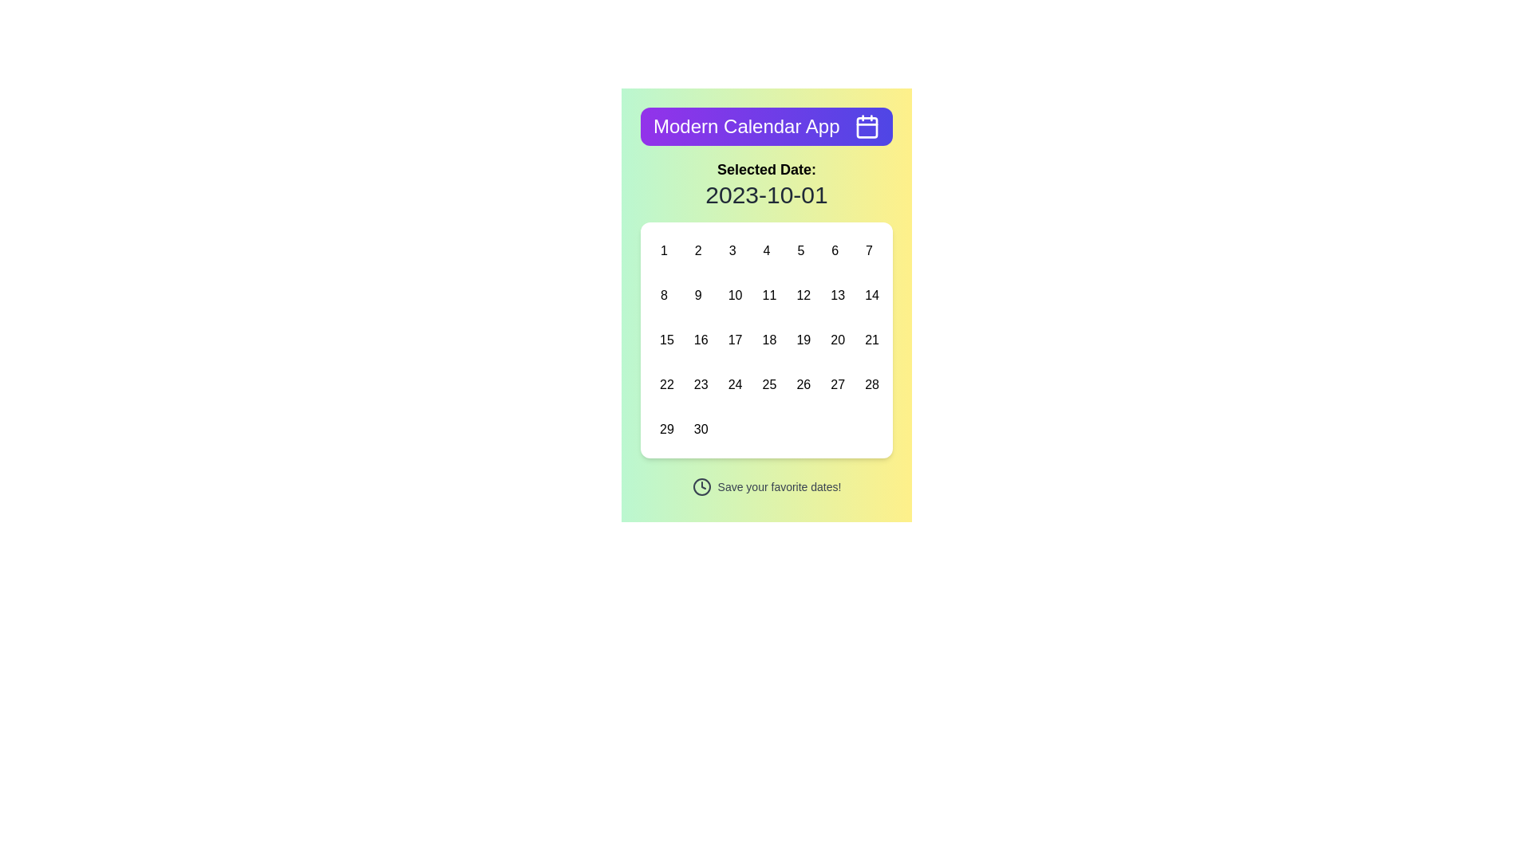 The height and width of the screenshot is (861, 1532). Describe the element at coordinates (866, 125) in the screenshot. I see `on the calendar icon located in the top-right corner of the purple header bar next` at that location.